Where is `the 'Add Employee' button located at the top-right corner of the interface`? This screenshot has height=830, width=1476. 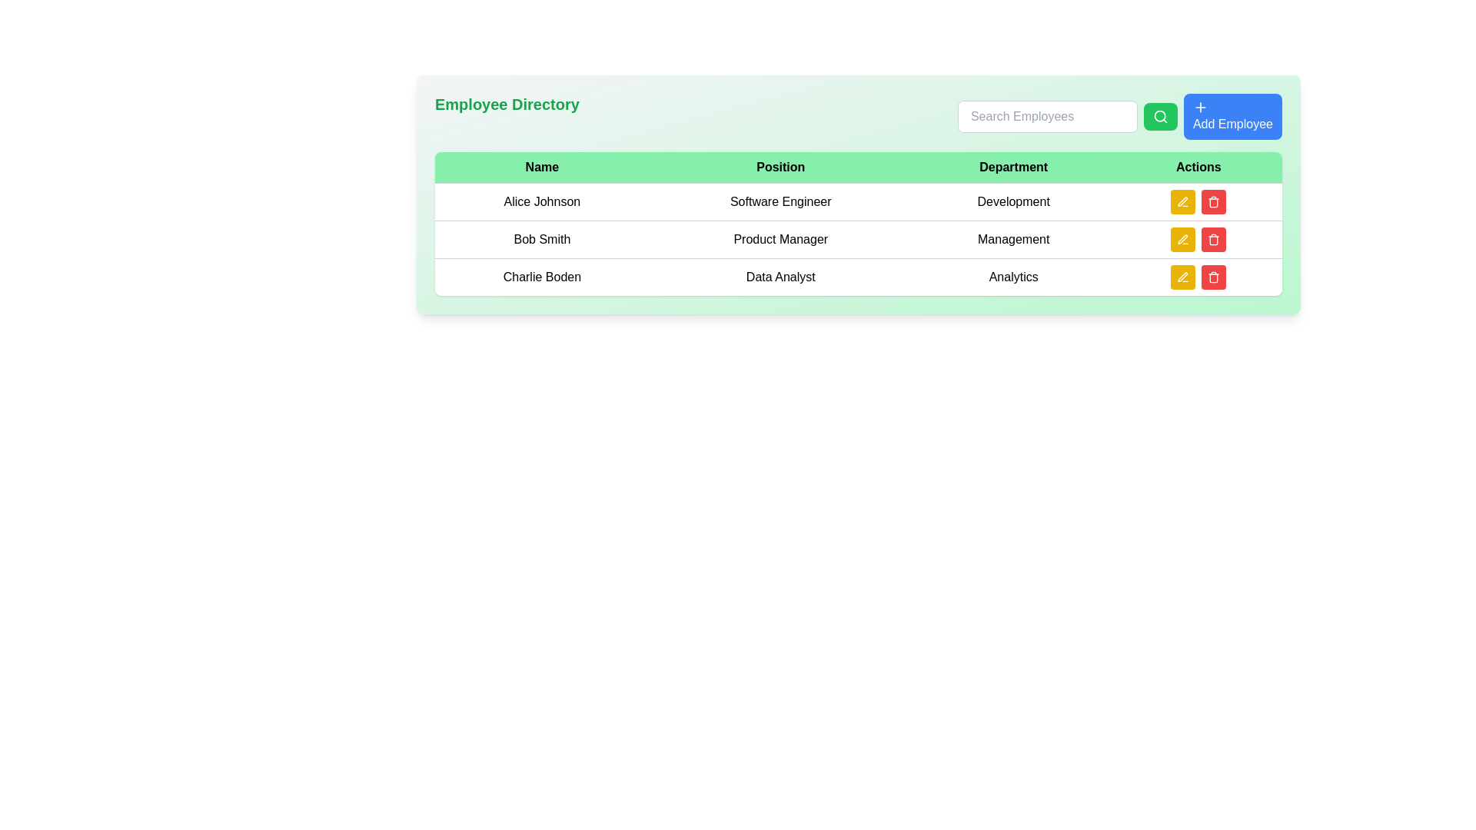
the 'Add Employee' button located at the top-right corner of the interface is located at coordinates (1232, 115).